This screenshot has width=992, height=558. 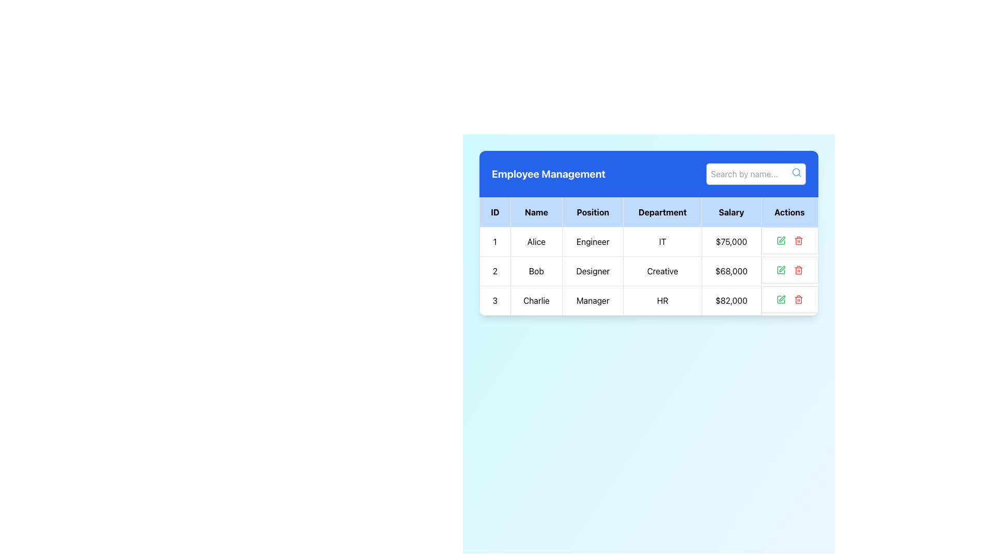 What do you see at coordinates (593, 301) in the screenshot?
I see `the static text label 'Manager' in the third row of the table under the 'Position' column` at bounding box center [593, 301].